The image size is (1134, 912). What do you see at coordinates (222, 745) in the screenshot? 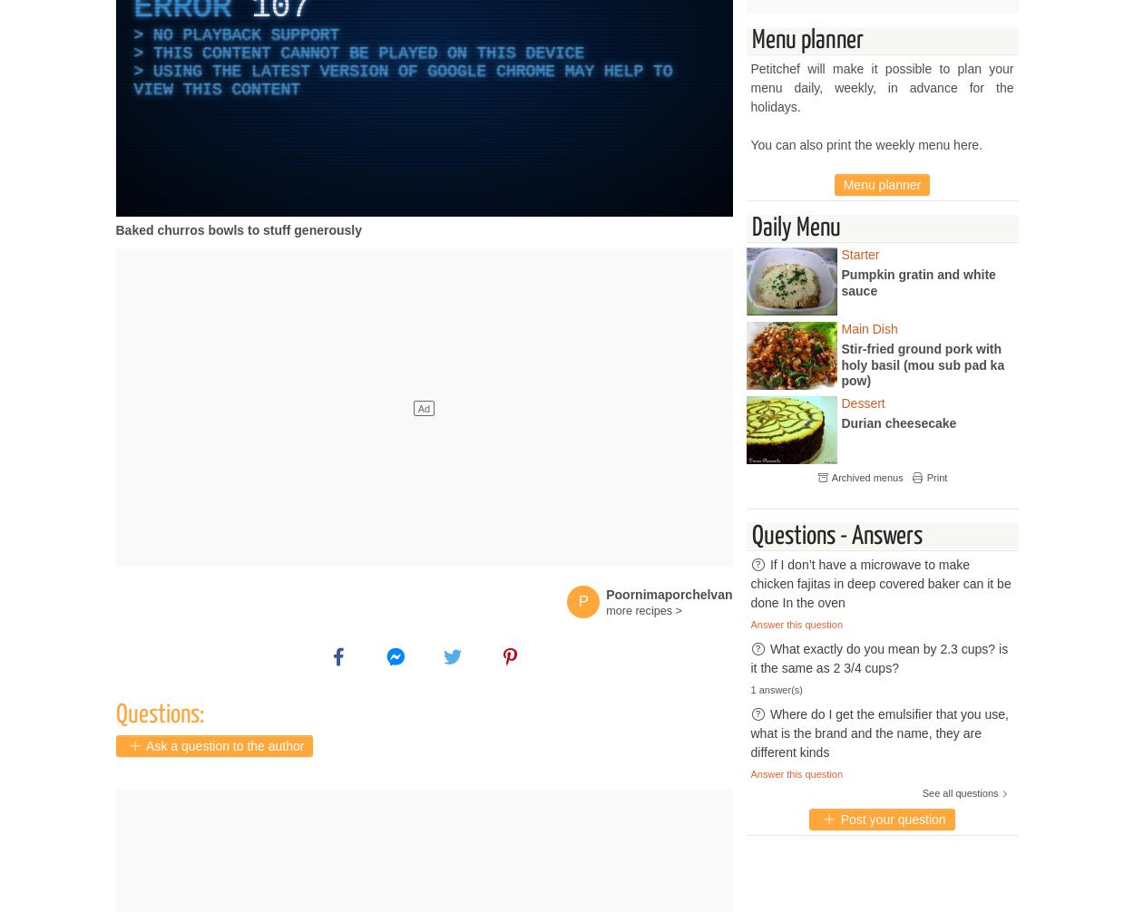
I see `'Ask a question to the author'` at bounding box center [222, 745].